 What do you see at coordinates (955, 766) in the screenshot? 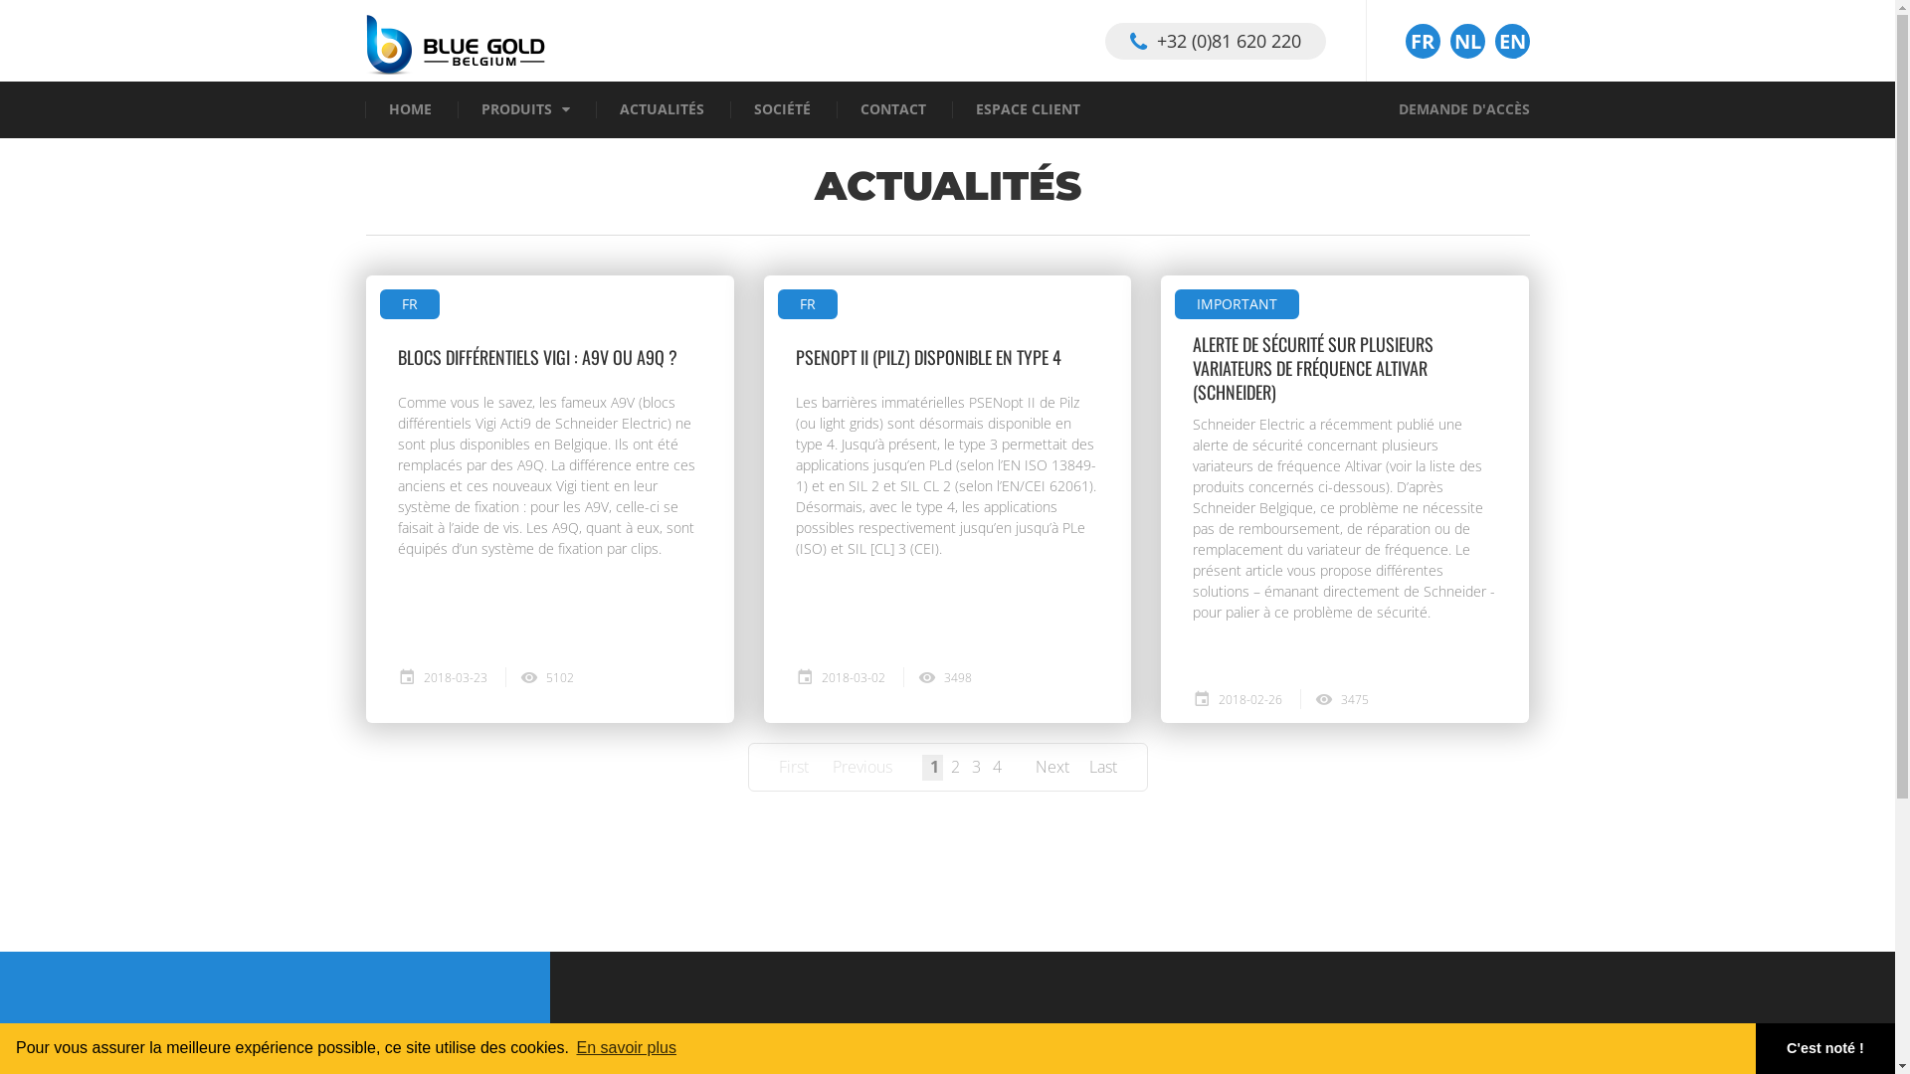
I see `'2'` at bounding box center [955, 766].